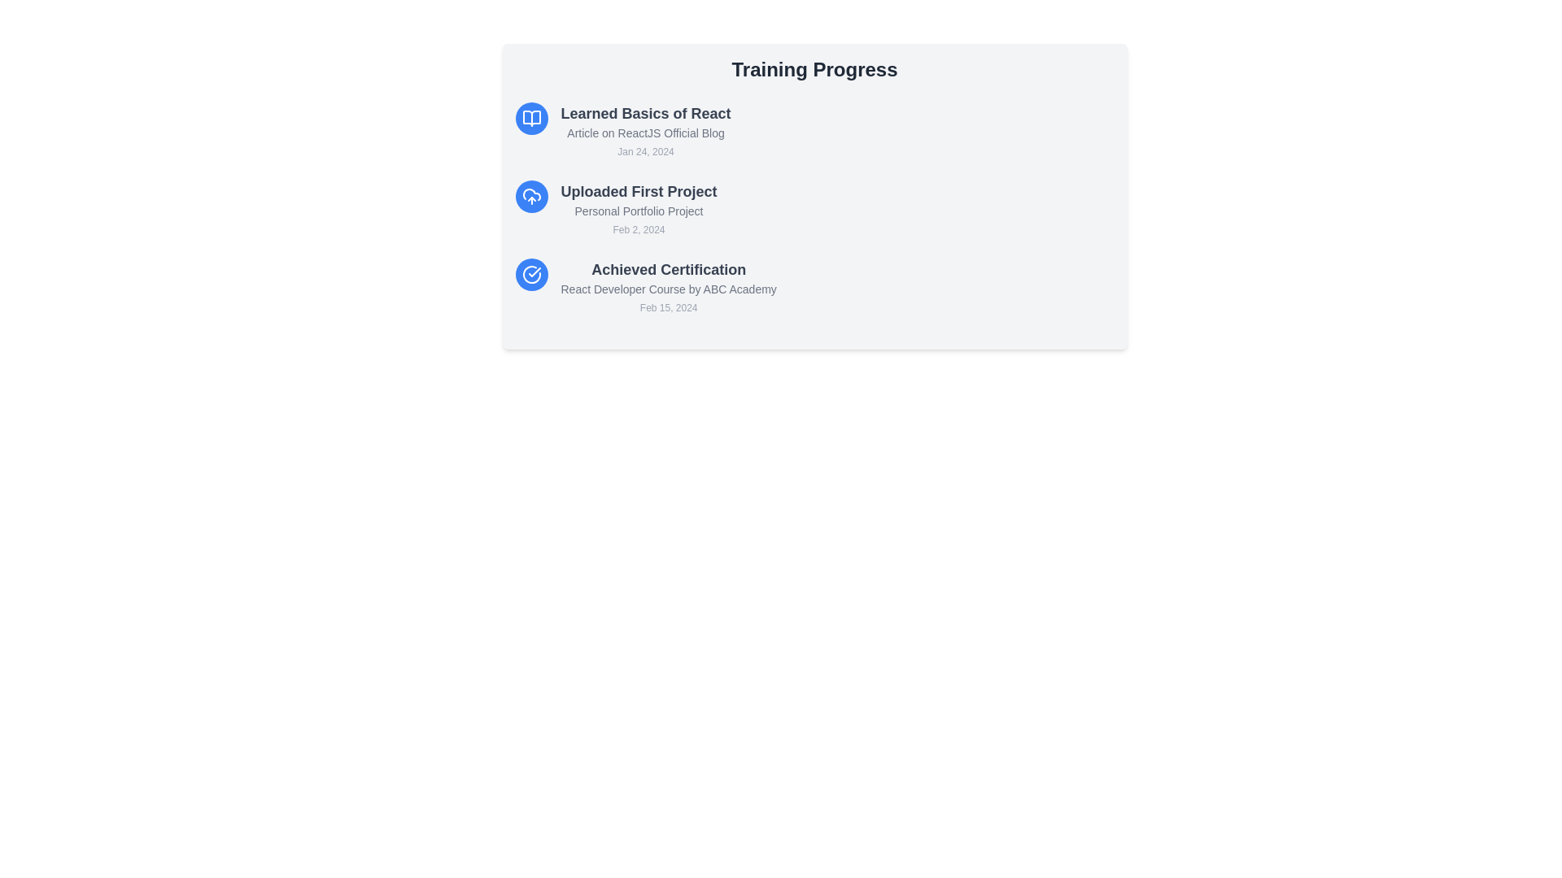 This screenshot has width=1562, height=878. I want to click on the book icon representing the 'Learned Basics of React' milestone, located to the left of the milestone description text, so click(531, 118).